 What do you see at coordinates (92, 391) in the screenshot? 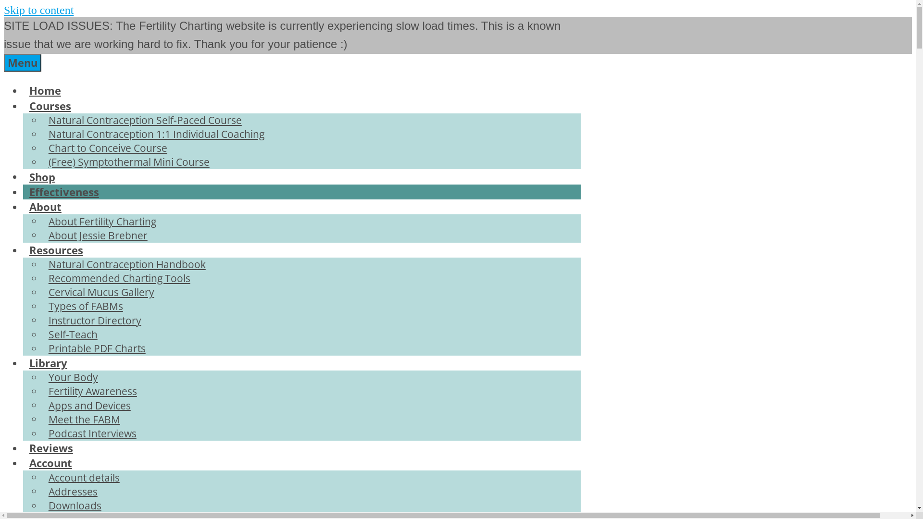
I see `'Fertility Awareness'` at bounding box center [92, 391].